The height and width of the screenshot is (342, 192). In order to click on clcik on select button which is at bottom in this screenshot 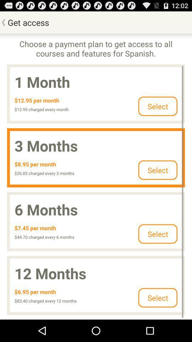, I will do `click(158, 297)`.